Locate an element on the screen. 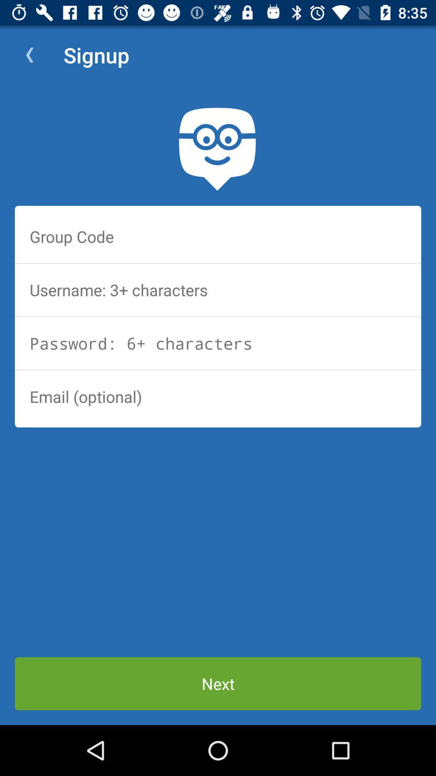 Image resolution: width=436 pixels, height=776 pixels. the group code is located at coordinates (218, 236).